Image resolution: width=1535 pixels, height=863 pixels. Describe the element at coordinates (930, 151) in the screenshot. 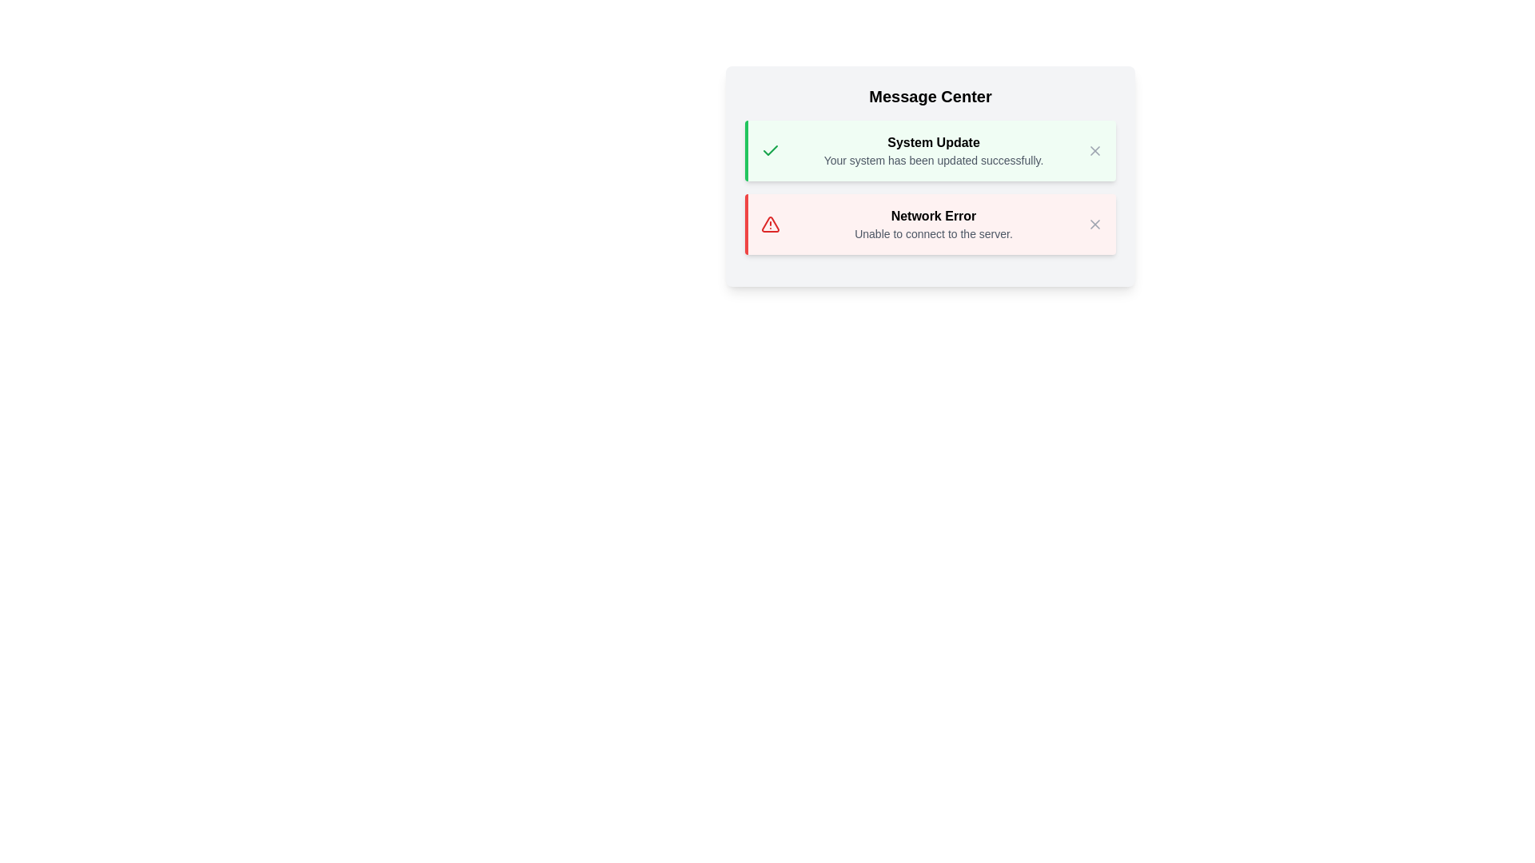

I see `the first notification card in the Message Center` at that location.